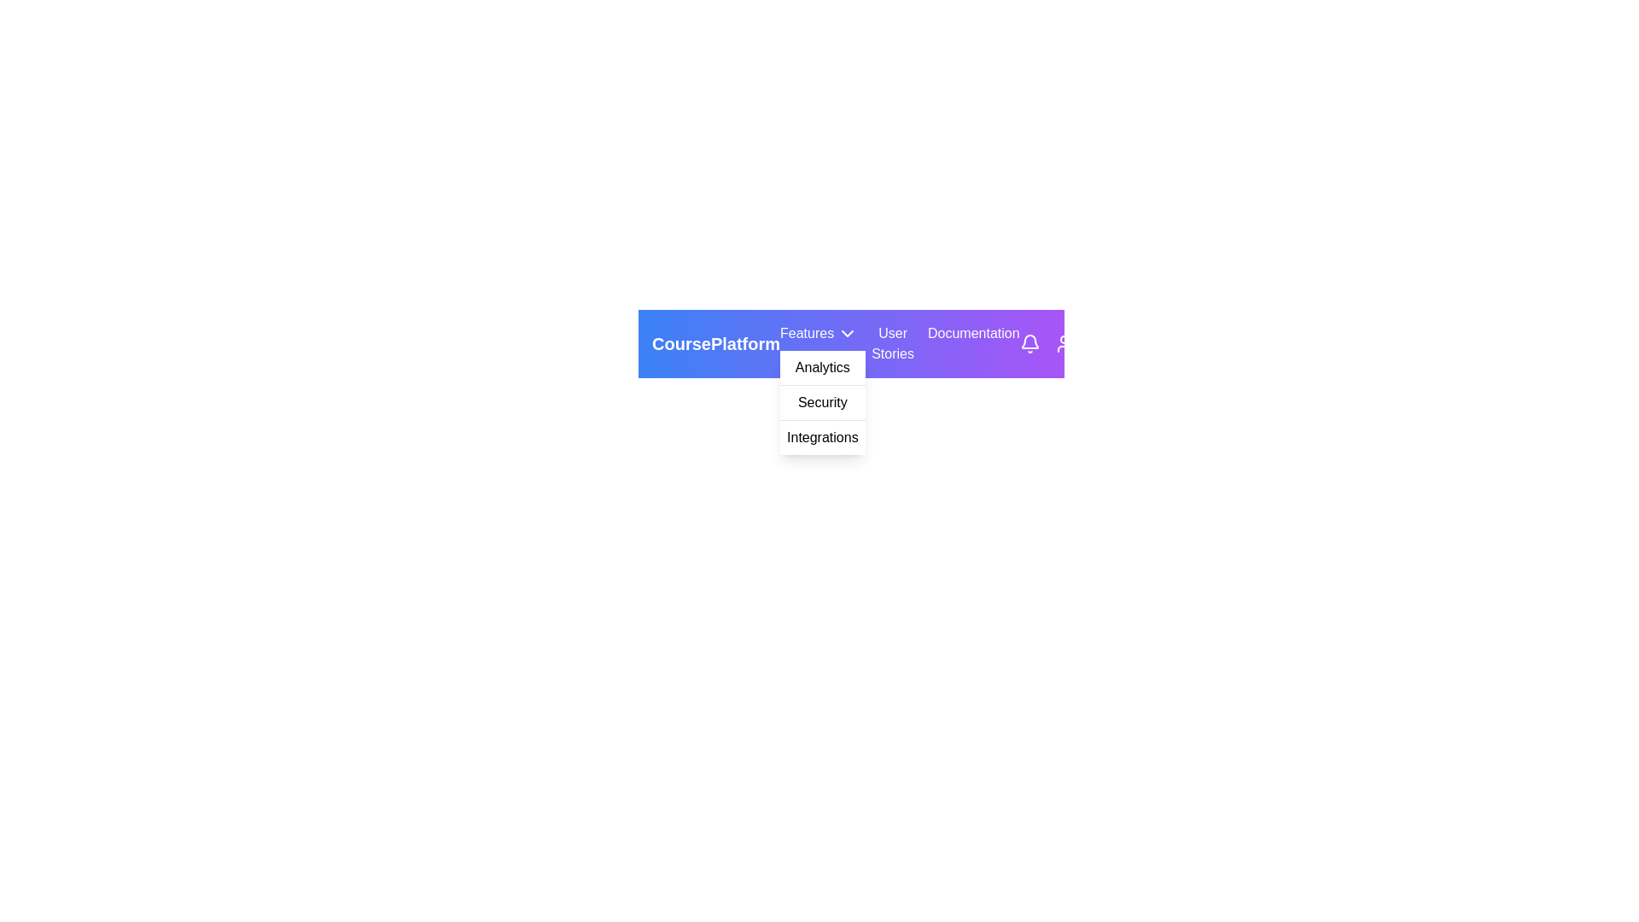  I want to click on the 'Integrations' menu item, which is the third item in the dropdown under 'Features', so click(822, 437).